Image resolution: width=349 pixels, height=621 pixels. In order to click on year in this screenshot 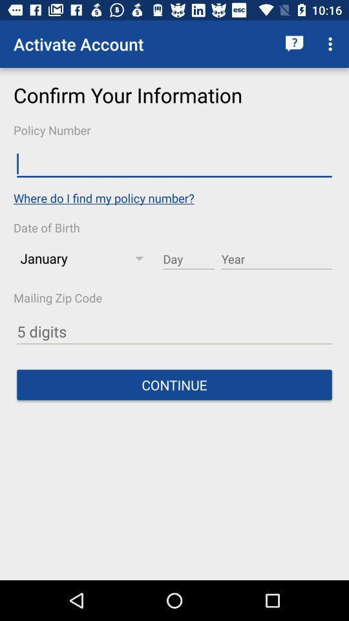, I will do `click(276, 259)`.